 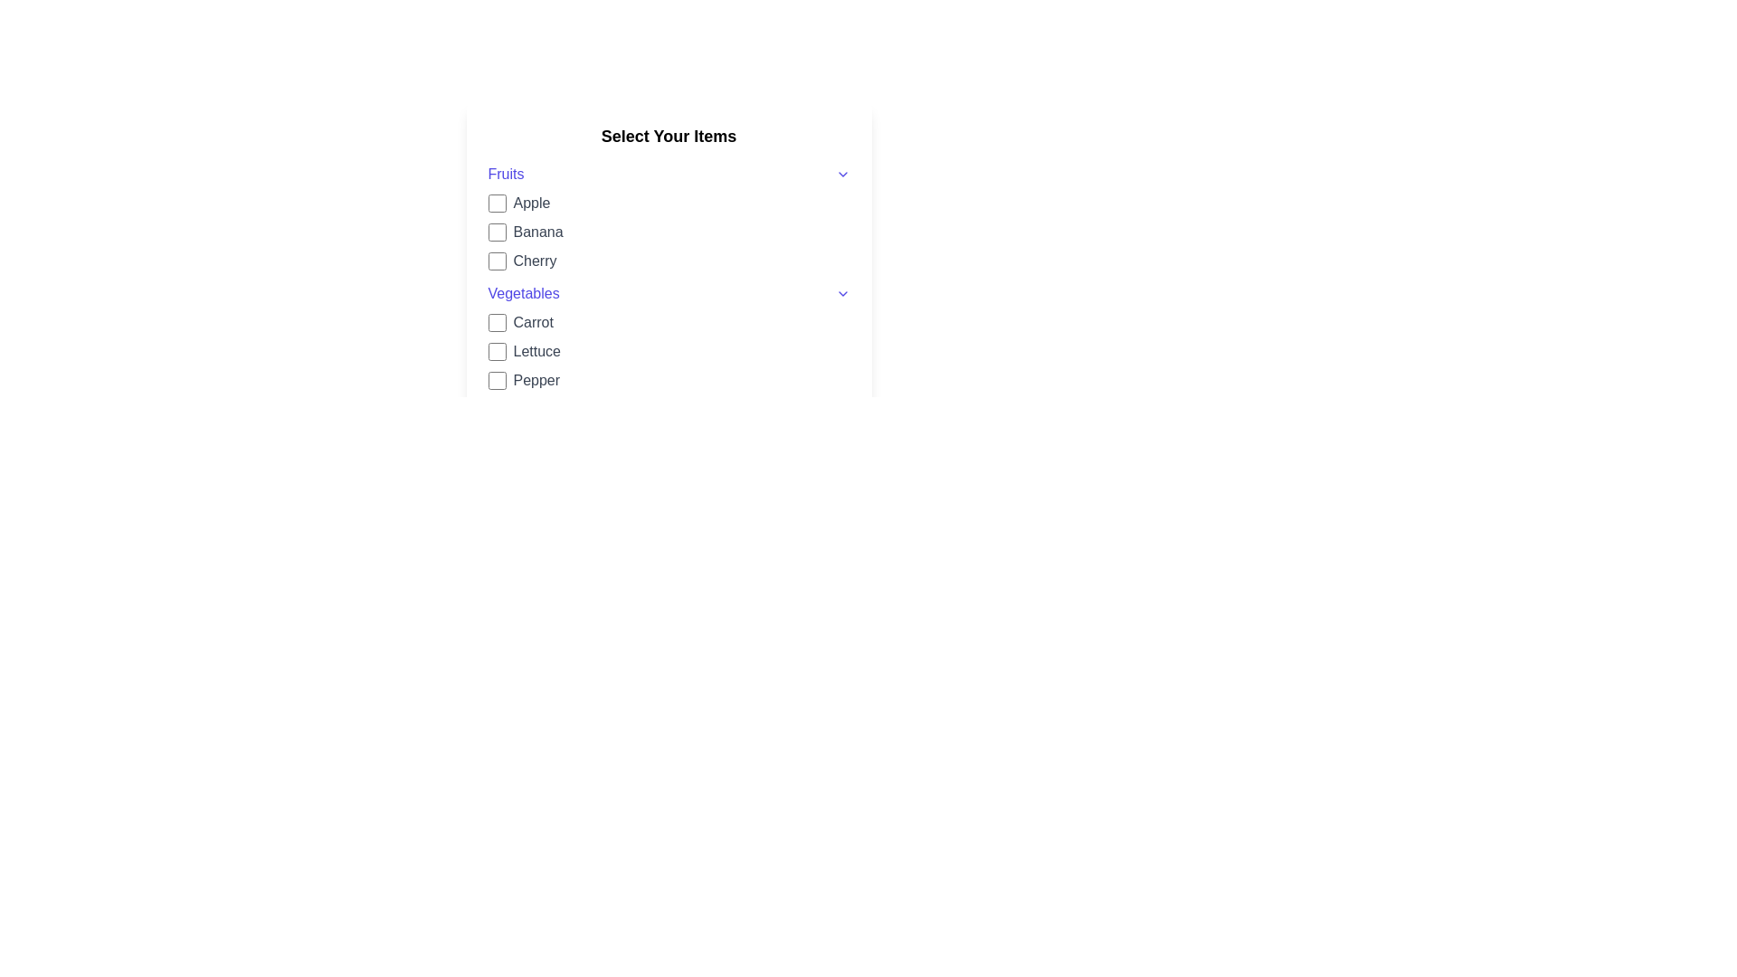 What do you see at coordinates (668, 352) in the screenshot?
I see `the checkbox labeled 'Lettuce' located under the 'Vegetables' section in the second position of the list` at bounding box center [668, 352].